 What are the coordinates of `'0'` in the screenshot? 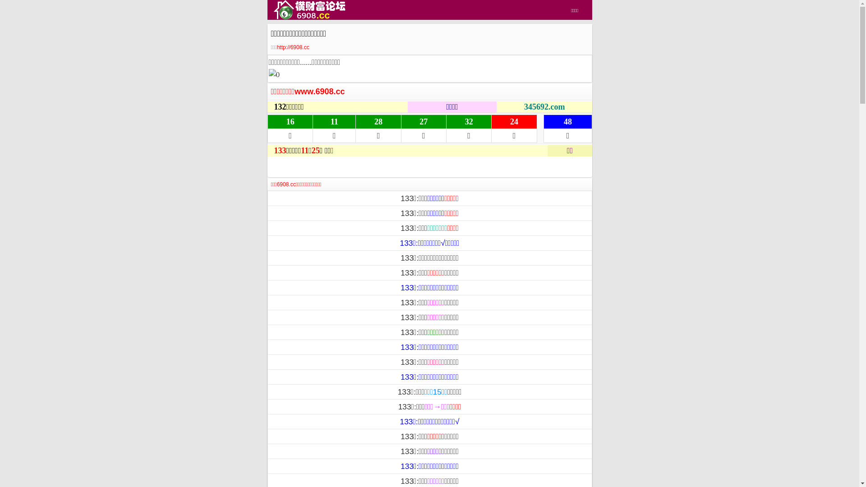 It's located at (268, 74).